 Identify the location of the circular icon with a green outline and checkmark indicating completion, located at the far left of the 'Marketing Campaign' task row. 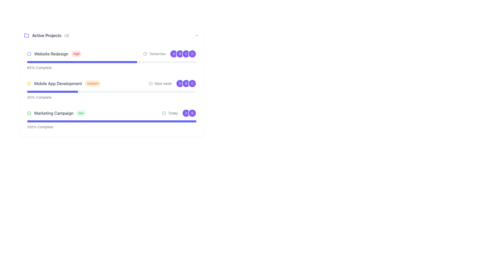
(29, 113).